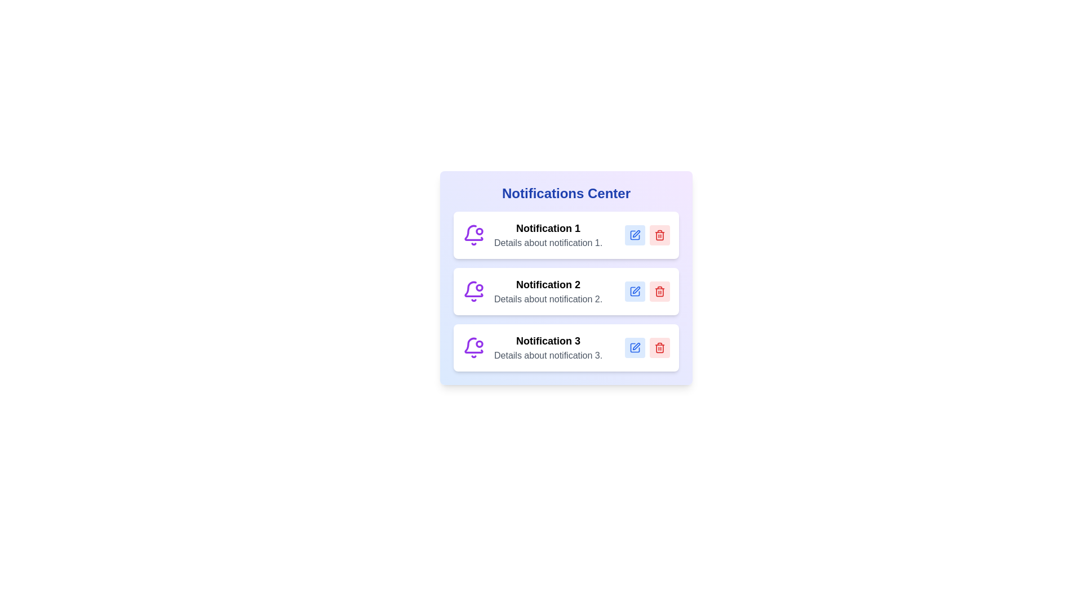  What do you see at coordinates (636, 233) in the screenshot?
I see `the blue pen icon used for editing, located to the right of the first notification under the 'Notifications Center' heading, for keyboard interaction` at bounding box center [636, 233].